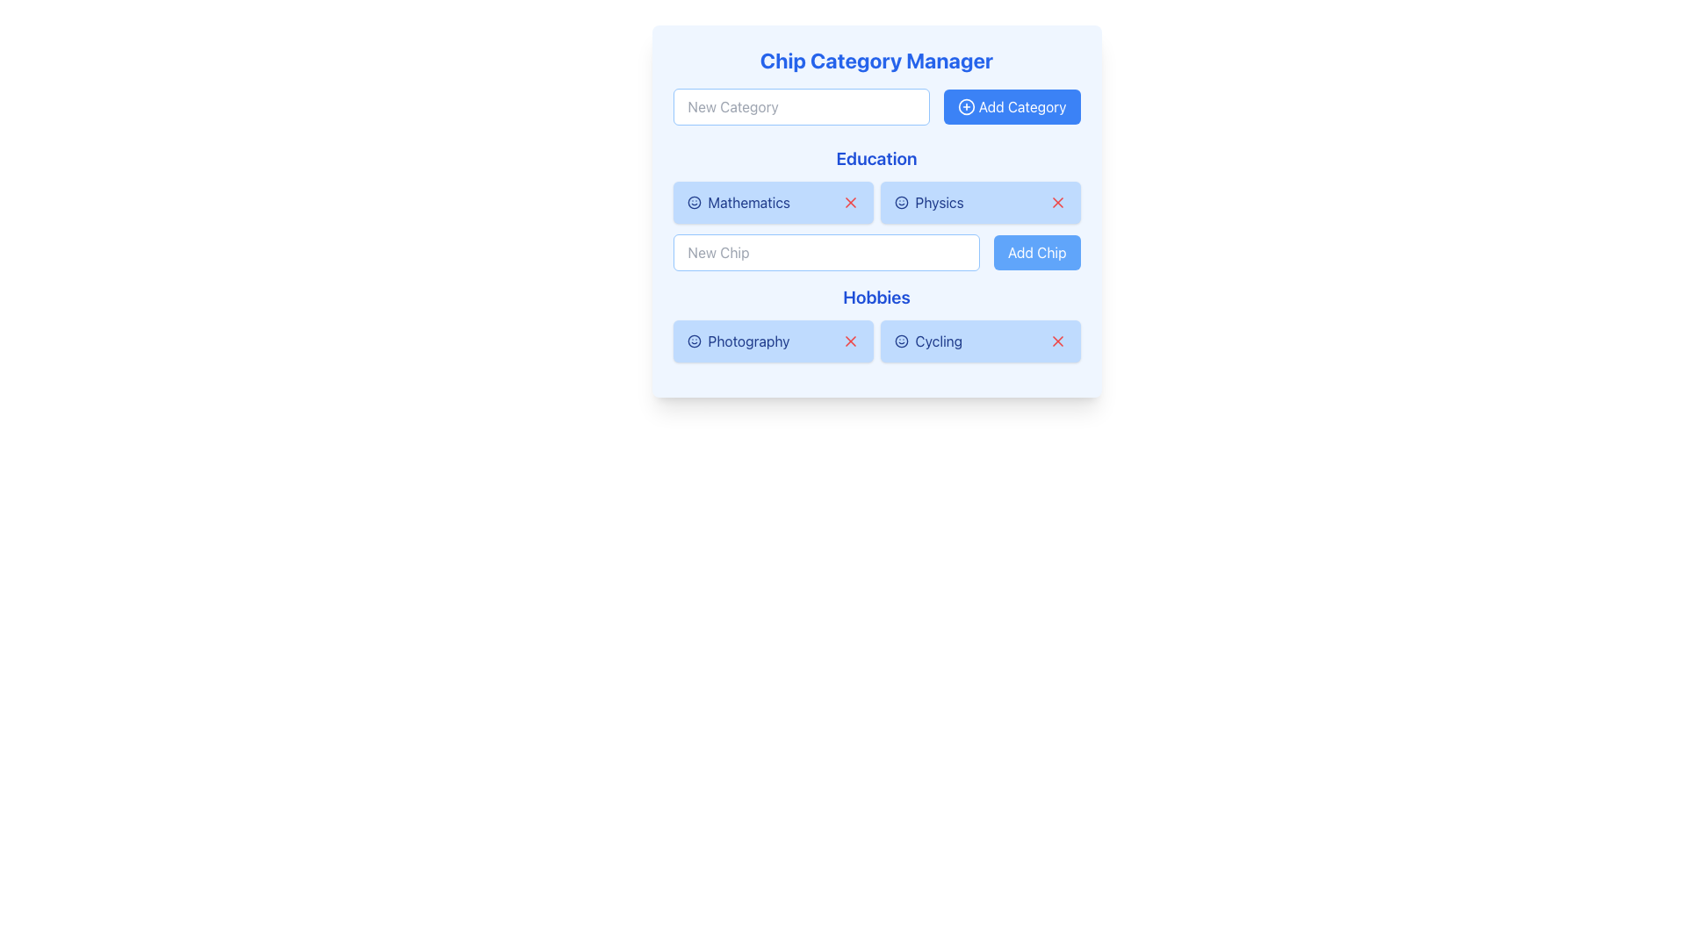 The image size is (1686, 948). What do you see at coordinates (1056, 341) in the screenshot?
I see `the 'X' shaped icon at the bottom-right corner of the card labeled 'Cycling' under the 'Hobbies' section` at bounding box center [1056, 341].